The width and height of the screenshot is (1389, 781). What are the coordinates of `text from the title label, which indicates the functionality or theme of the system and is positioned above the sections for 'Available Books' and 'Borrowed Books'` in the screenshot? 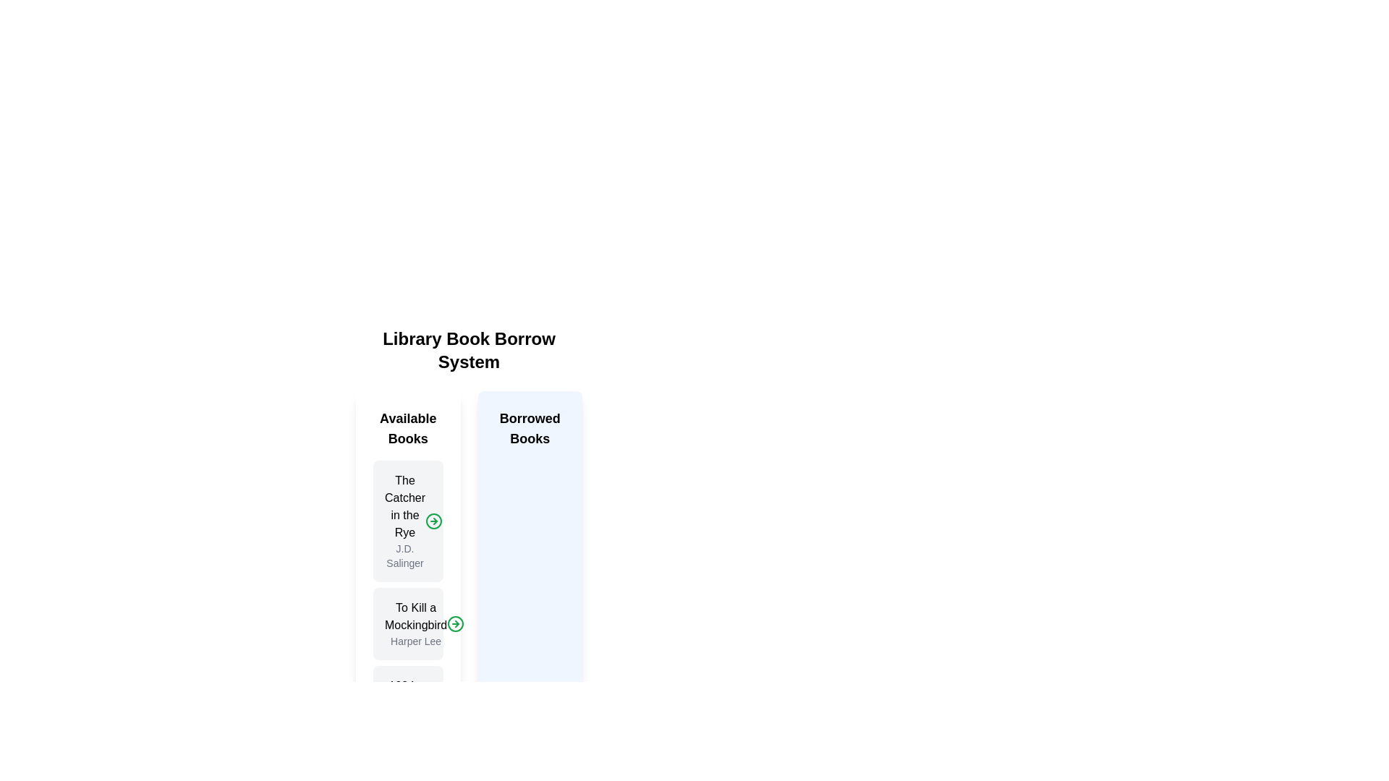 It's located at (469, 351).